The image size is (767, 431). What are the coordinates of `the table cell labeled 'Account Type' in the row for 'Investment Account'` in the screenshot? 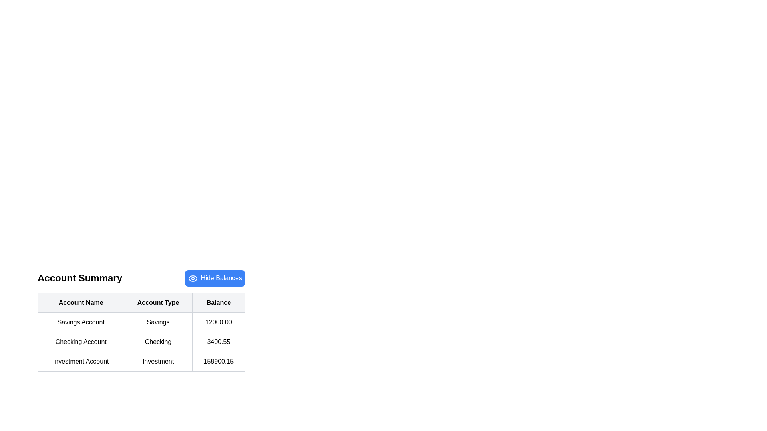 It's located at (158, 361).